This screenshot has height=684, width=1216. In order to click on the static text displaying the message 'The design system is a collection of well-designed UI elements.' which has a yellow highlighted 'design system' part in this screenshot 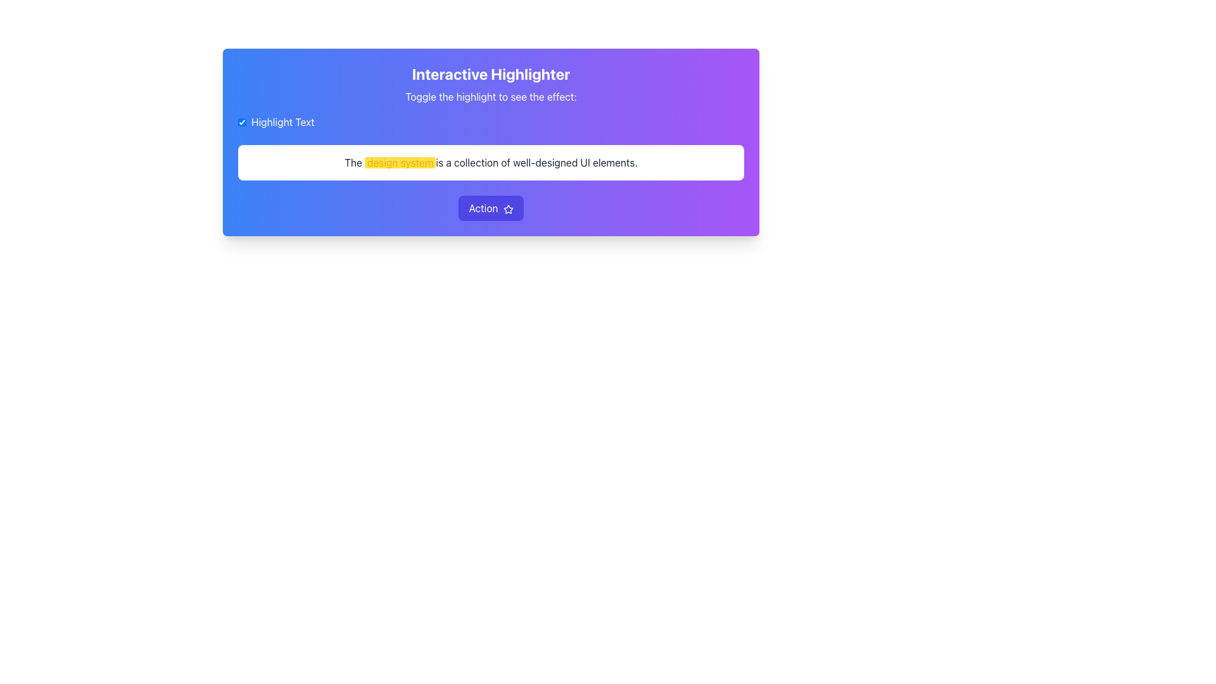, I will do `click(490, 162)`.